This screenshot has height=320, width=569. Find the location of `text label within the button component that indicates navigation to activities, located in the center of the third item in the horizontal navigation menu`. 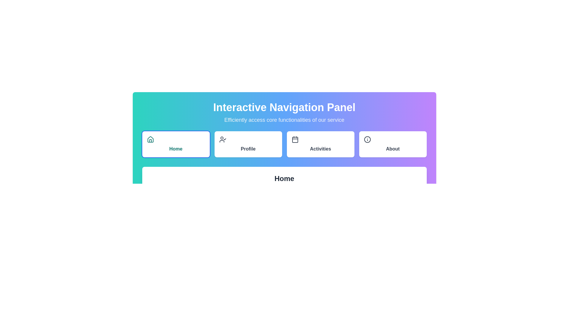

text label within the button component that indicates navigation to activities, located in the center of the third item in the horizontal navigation menu is located at coordinates (320, 148).